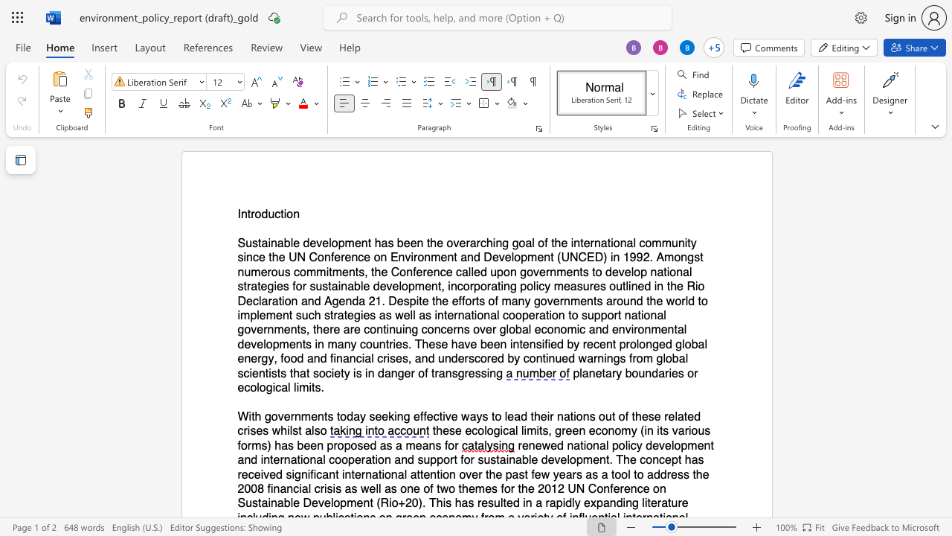  I want to click on the space between the continuous character "e" and "s" in the text, so click(677, 372).